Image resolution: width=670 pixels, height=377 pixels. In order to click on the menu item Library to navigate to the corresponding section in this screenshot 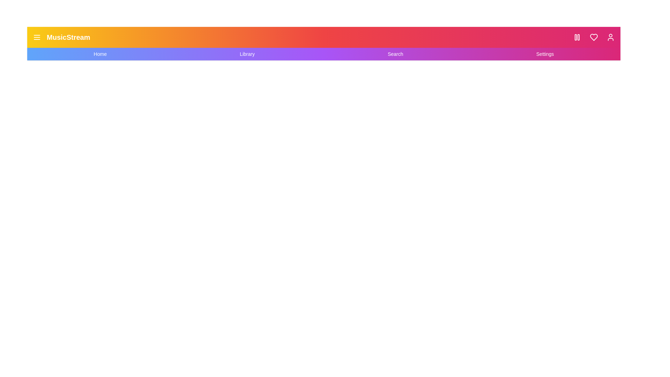, I will do `click(247, 53)`.